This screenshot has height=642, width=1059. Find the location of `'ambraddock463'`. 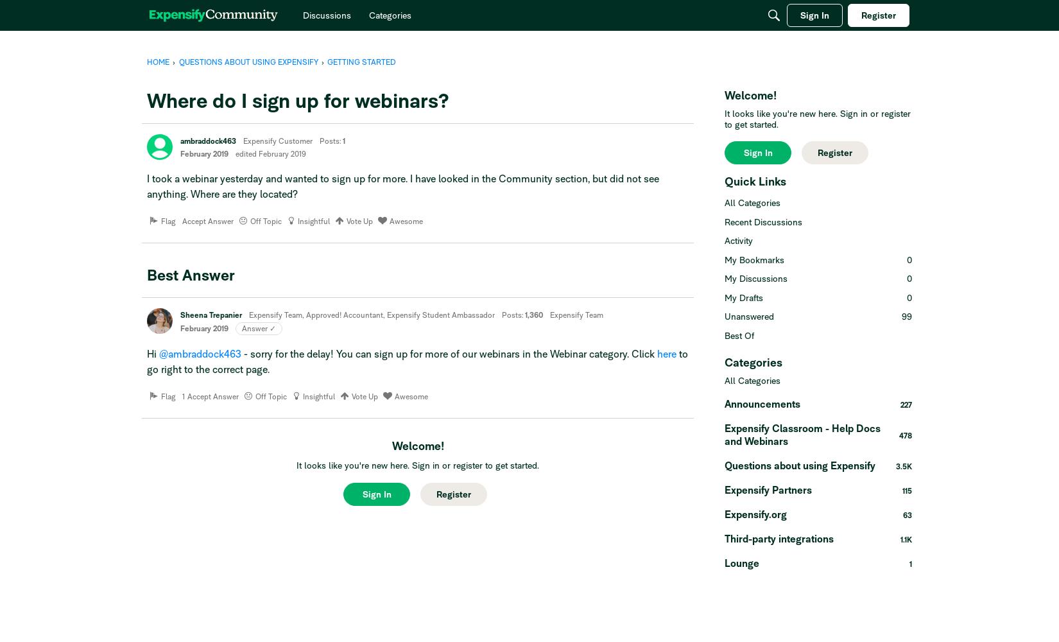

'ambraddock463' is located at coordinates (180, 141).